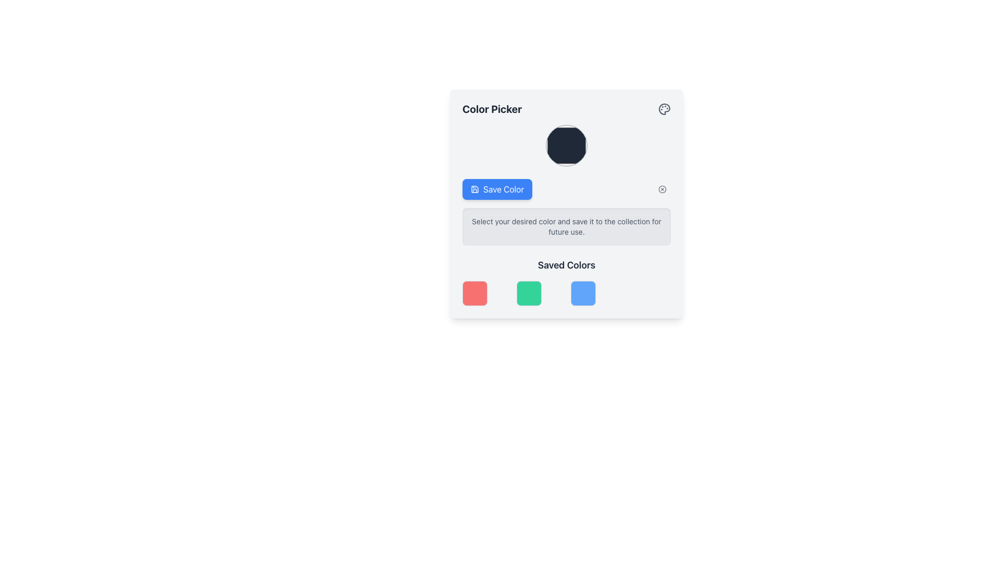 The height and width of the screenshot is (562, 1000). What do you see at coordinates (662, 189) in the screenshot?
I see `the close button located on the upper-right side of the 'Color Picker' section to potentially reveal interaction effects` at bounding box center [662, 189].